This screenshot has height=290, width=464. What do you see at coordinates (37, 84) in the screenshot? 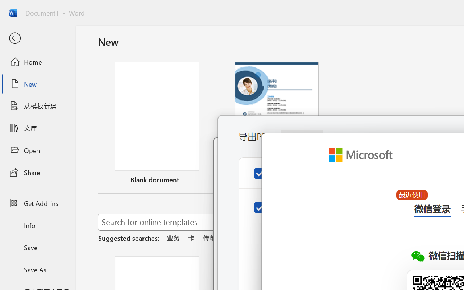
I see `'New'` at bounding box center [37, 84].